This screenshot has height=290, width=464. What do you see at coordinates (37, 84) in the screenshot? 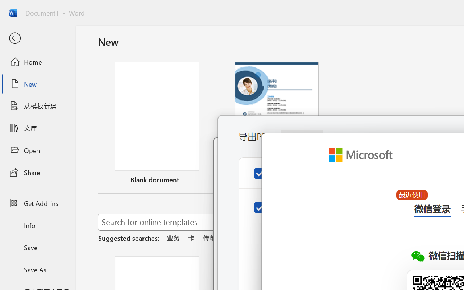
I see `'New'` at bounding box center [37, 84].